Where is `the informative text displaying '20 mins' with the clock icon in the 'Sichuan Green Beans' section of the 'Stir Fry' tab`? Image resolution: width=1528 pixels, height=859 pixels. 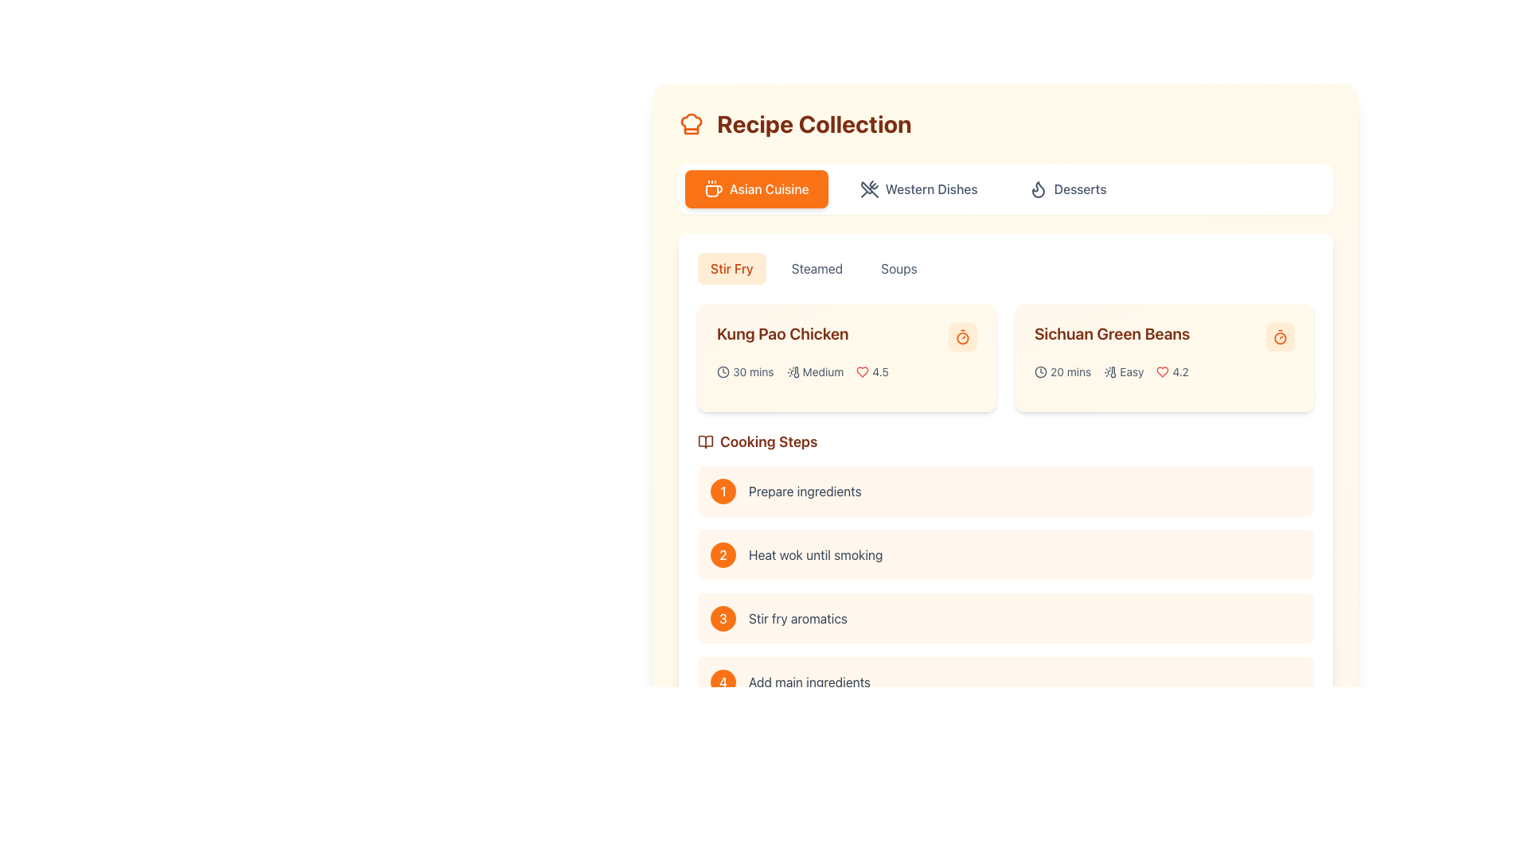 the informative text displaying '20 mins' with the clock icon in the 'Sichuan Green Beans' section of the 'Stir Fry' tab is located at coordinates (1062, 371).